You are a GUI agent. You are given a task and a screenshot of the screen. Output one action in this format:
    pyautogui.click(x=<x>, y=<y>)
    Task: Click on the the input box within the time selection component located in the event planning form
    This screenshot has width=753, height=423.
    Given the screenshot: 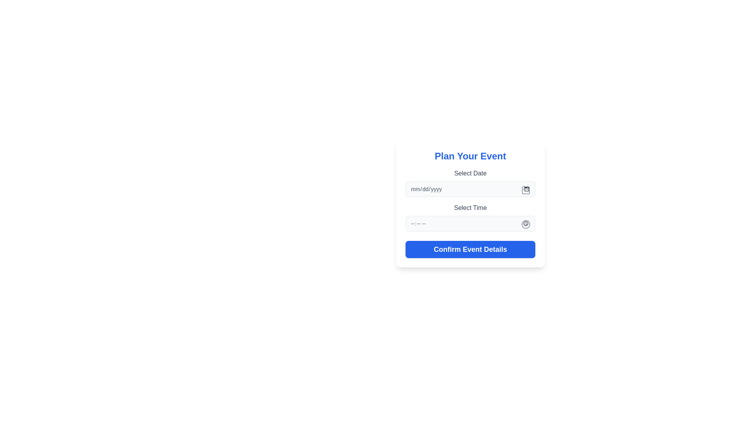 What is the action you would take?
    pyautogui.click(x=470, y=217)
    